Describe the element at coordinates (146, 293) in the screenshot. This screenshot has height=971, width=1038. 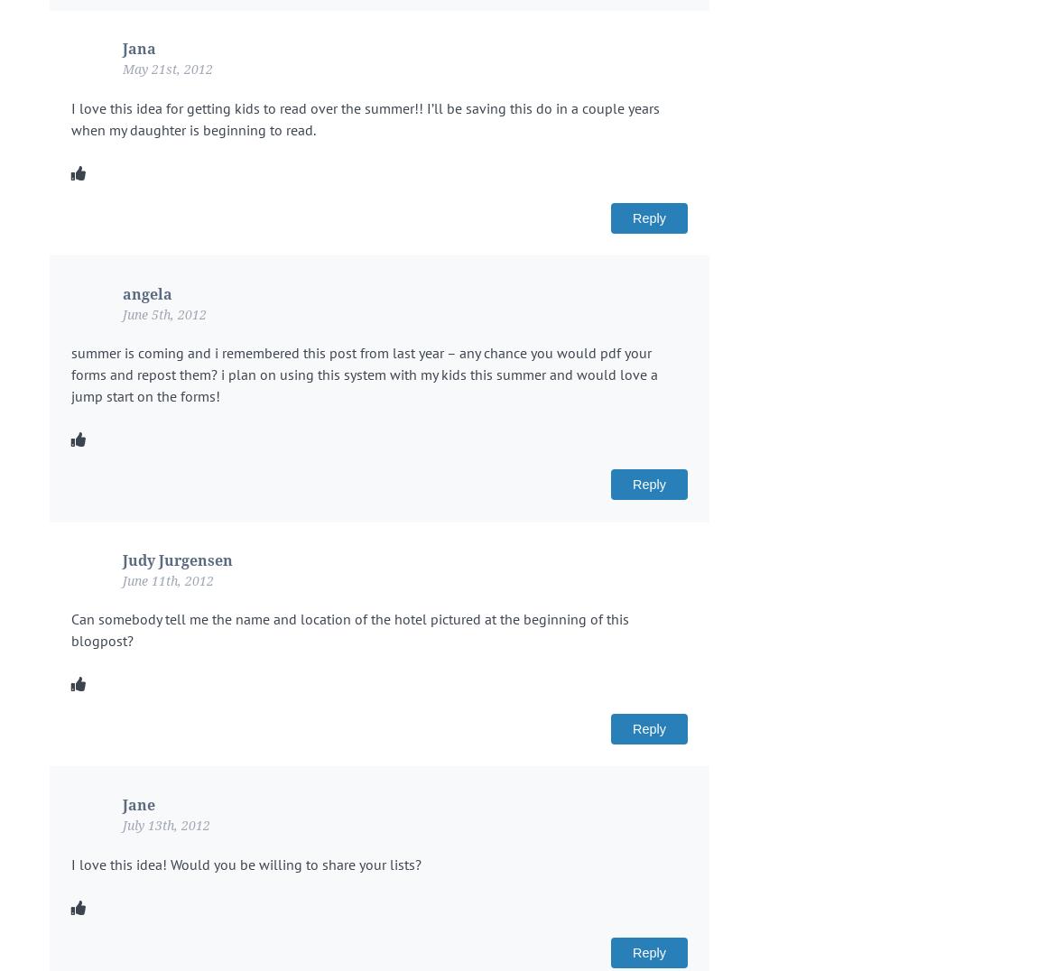
I see `'angela'` at that location.